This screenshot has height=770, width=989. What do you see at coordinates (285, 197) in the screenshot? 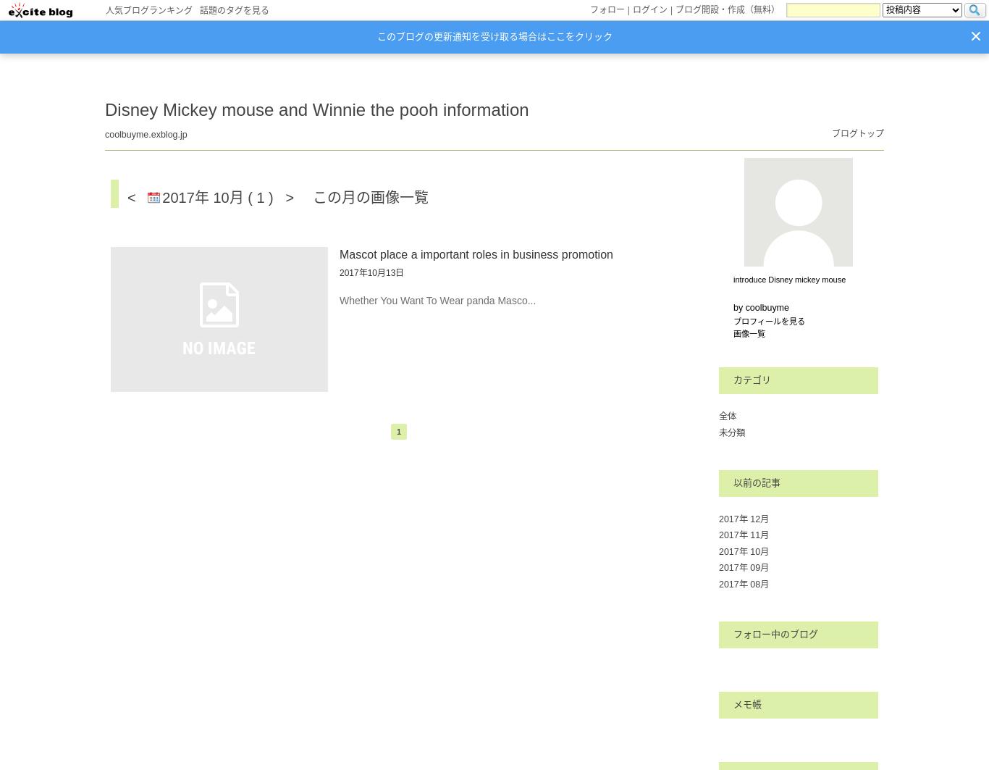
I see `'>'` at bounding box center [285, 197].